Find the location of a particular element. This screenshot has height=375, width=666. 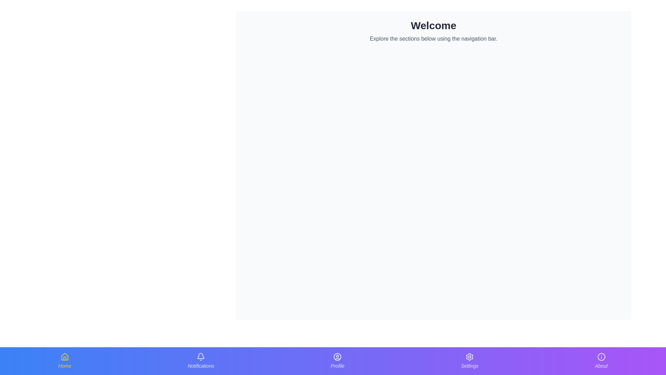

the 'Settings' button located in the bottom navigation bar, which features a cogwheel icon and is styled with gray text, to activate its scale effect is located at coordinates (470, 361).